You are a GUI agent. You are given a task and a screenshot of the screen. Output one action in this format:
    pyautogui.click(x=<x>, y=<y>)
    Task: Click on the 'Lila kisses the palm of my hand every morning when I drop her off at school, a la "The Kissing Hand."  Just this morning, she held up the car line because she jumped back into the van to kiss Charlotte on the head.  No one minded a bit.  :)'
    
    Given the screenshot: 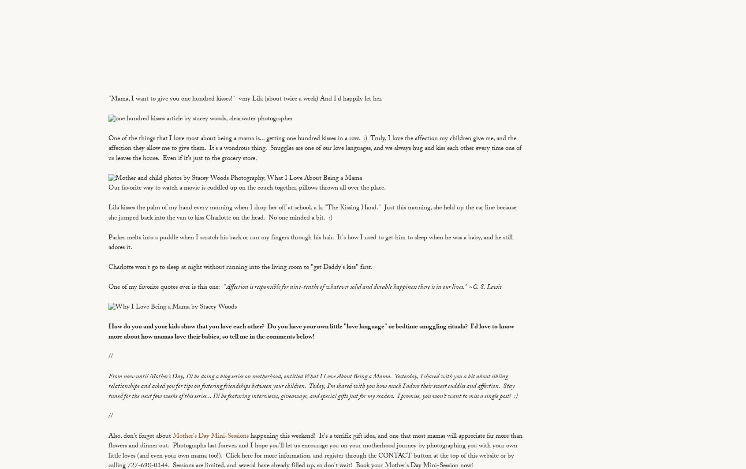 What is the action you would take?
    pyautogui.click(x=312, y=213)
    